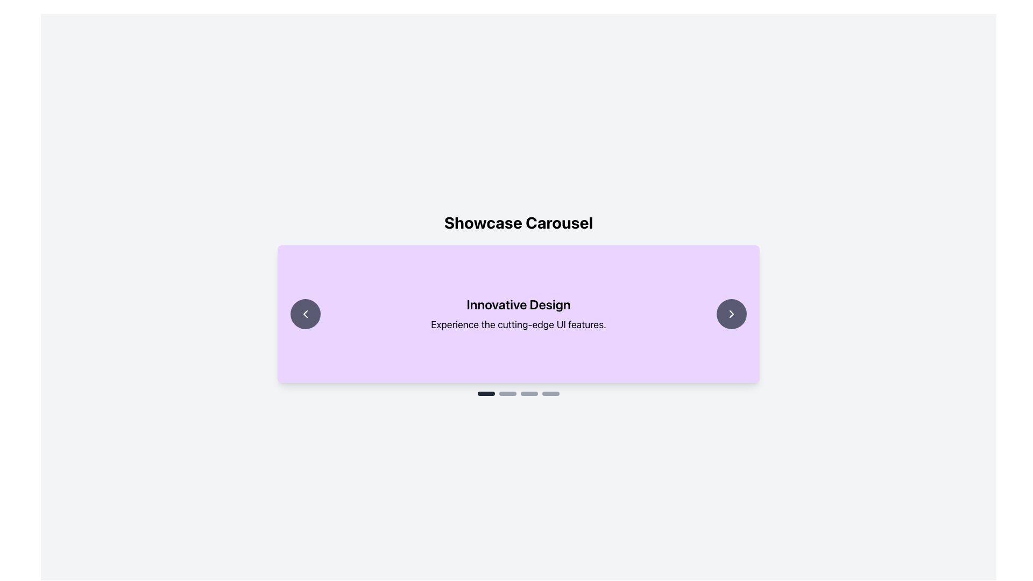 This screenshot has width=1033, height=581. Describe the element at coordinates (550, 394) in the screenshot. I see `the fourth Navigation Indicator, a small horizontal rectangular element with rounded edges` at that location.